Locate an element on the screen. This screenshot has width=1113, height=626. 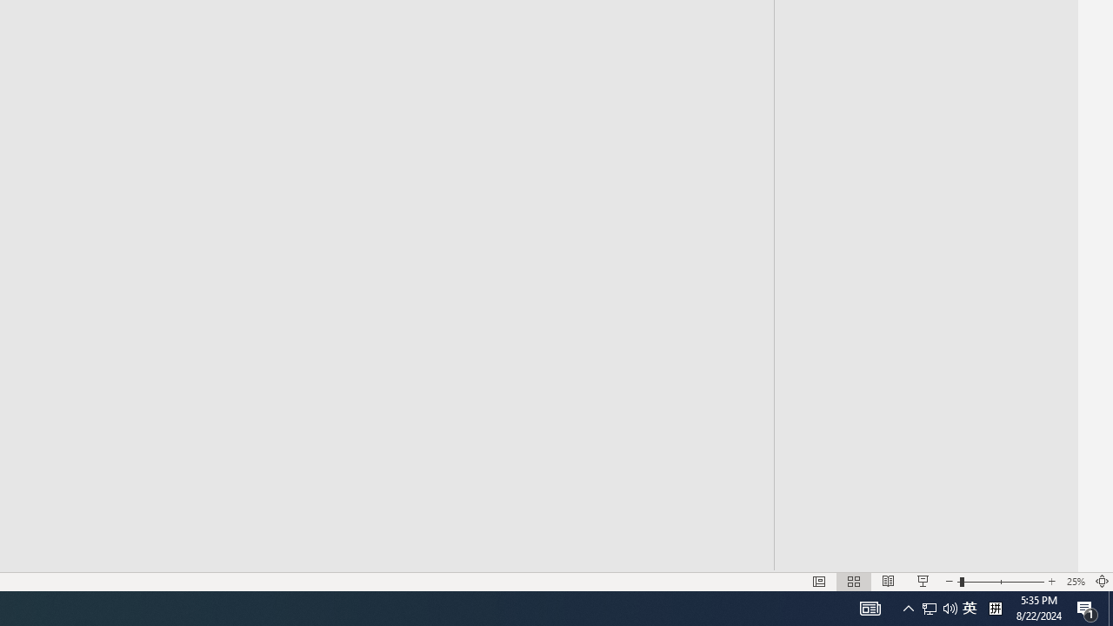
'Zoom 25%' is located at coordinates (1075, 582).